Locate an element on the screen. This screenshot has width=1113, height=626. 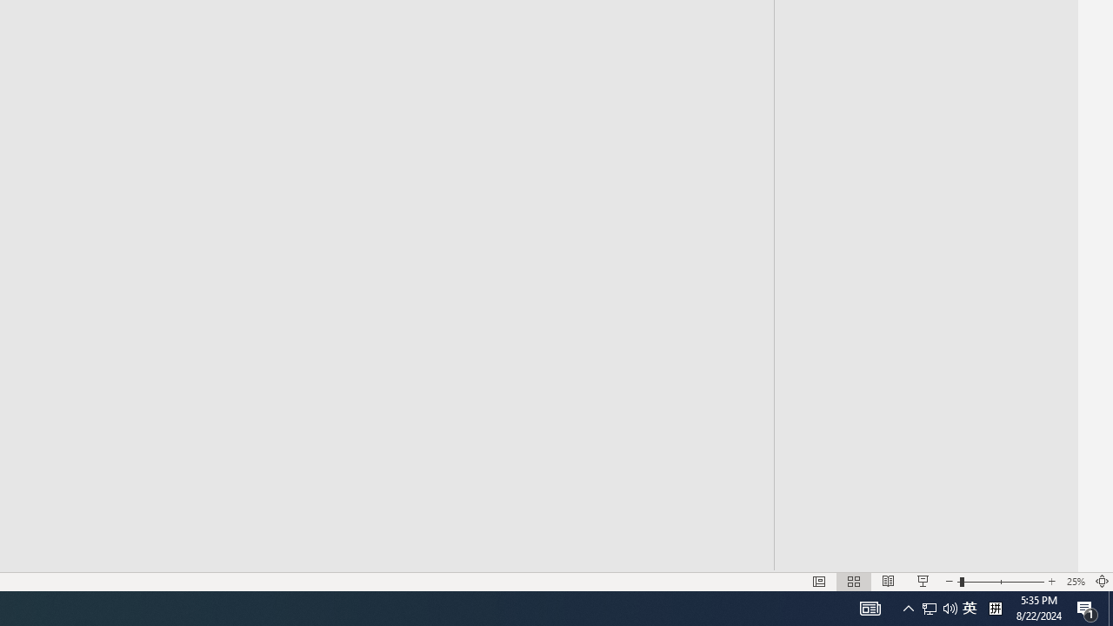
'Zoom 25%' is located at coordinates (1075, 582).